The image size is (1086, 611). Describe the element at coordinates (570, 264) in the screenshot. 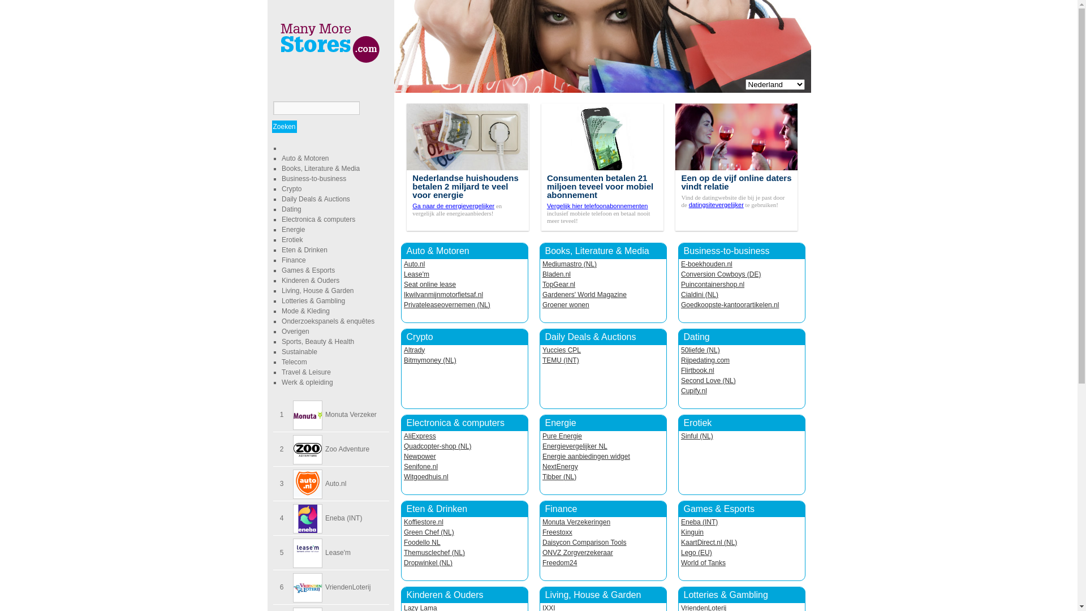

I see `'Mediumastro (NL)'` at that location.